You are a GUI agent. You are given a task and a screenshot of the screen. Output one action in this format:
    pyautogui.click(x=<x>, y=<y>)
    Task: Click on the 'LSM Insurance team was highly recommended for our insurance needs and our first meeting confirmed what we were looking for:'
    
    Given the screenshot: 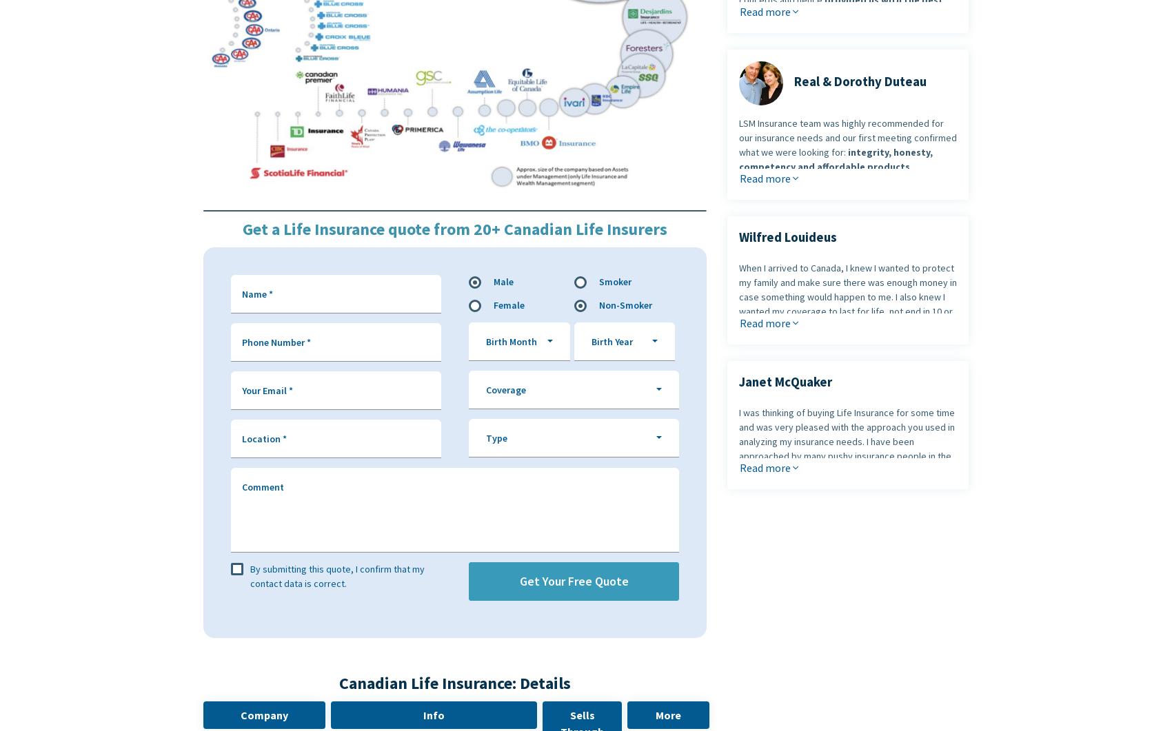 What is the action you would take?
    pyautogui.click(x=739, y=136)
    